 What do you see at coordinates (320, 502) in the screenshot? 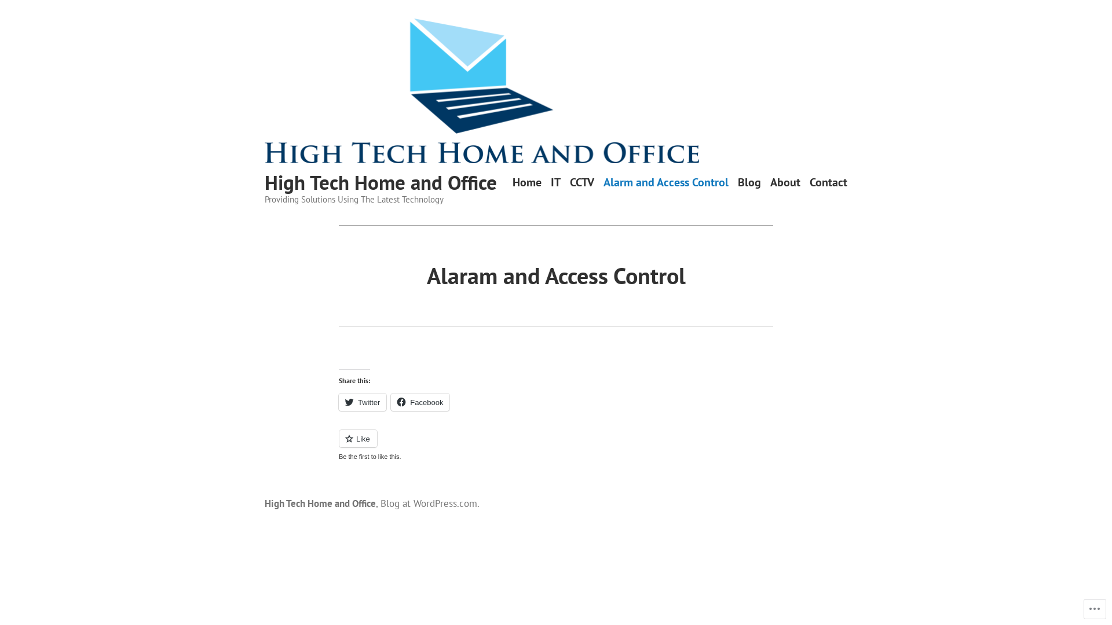
I see `'High Tech Home and Office'` at bounding box center [320, 502].